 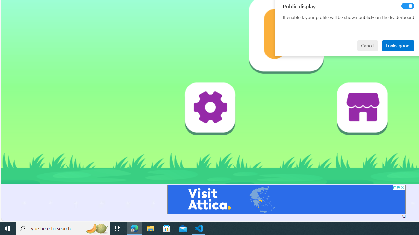 I want to click on 'Cancel', so click(x=368, y=45).